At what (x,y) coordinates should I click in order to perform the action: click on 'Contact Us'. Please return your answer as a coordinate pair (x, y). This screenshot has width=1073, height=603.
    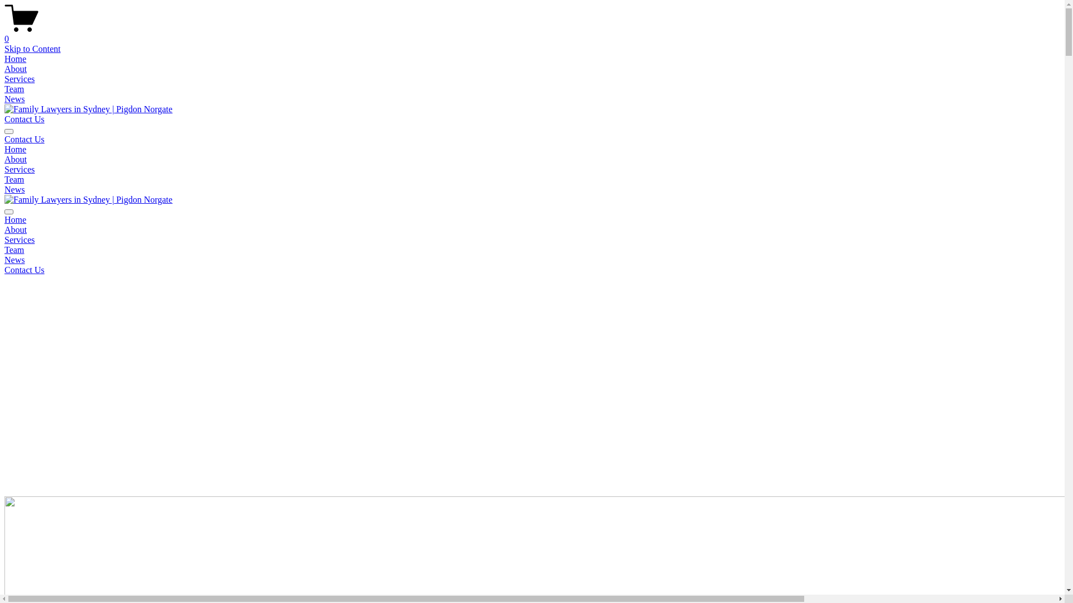
    Looking at the image, I should click on (24, 270).